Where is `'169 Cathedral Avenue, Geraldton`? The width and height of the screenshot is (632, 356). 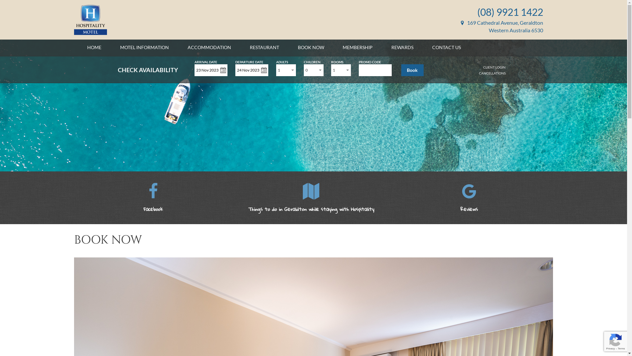 '169 Cathedral Avenue, Geraldton is located at coordinates (461, 26).